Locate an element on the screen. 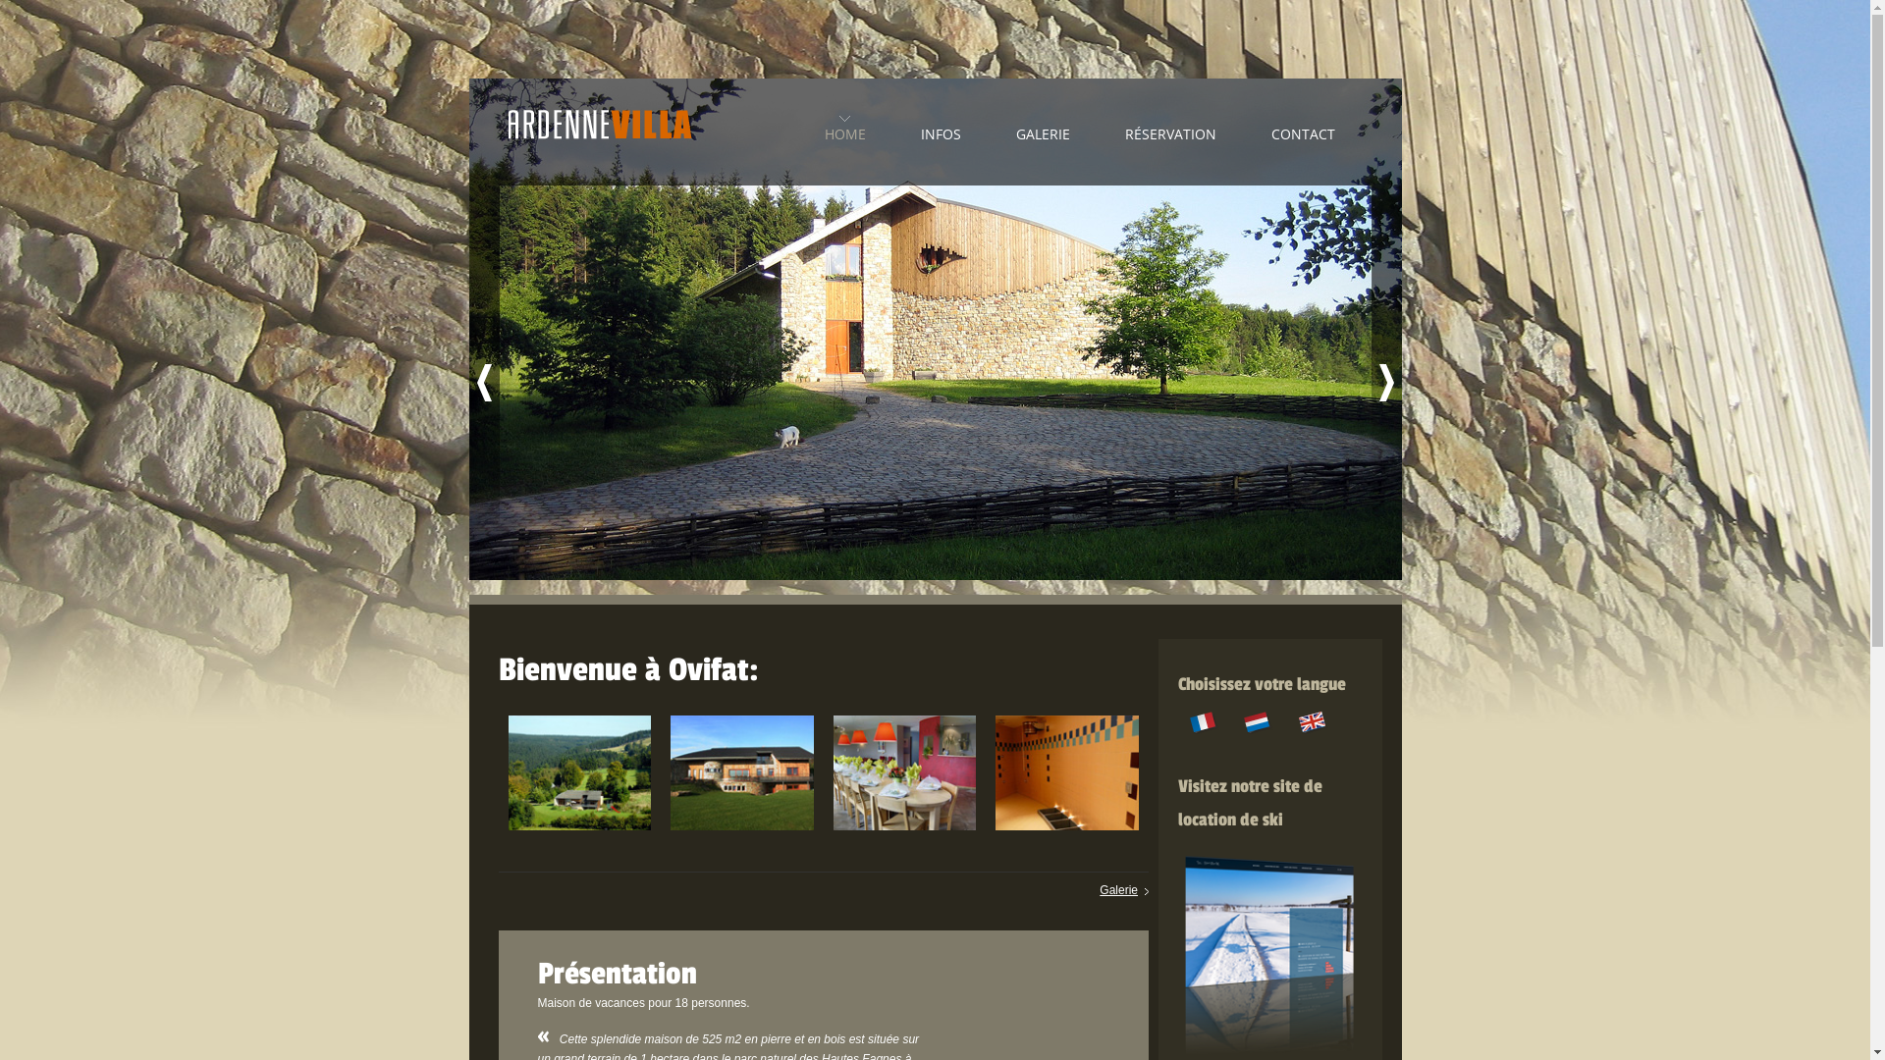  'Ski Botrange' is located at coordinates (1270, 853).